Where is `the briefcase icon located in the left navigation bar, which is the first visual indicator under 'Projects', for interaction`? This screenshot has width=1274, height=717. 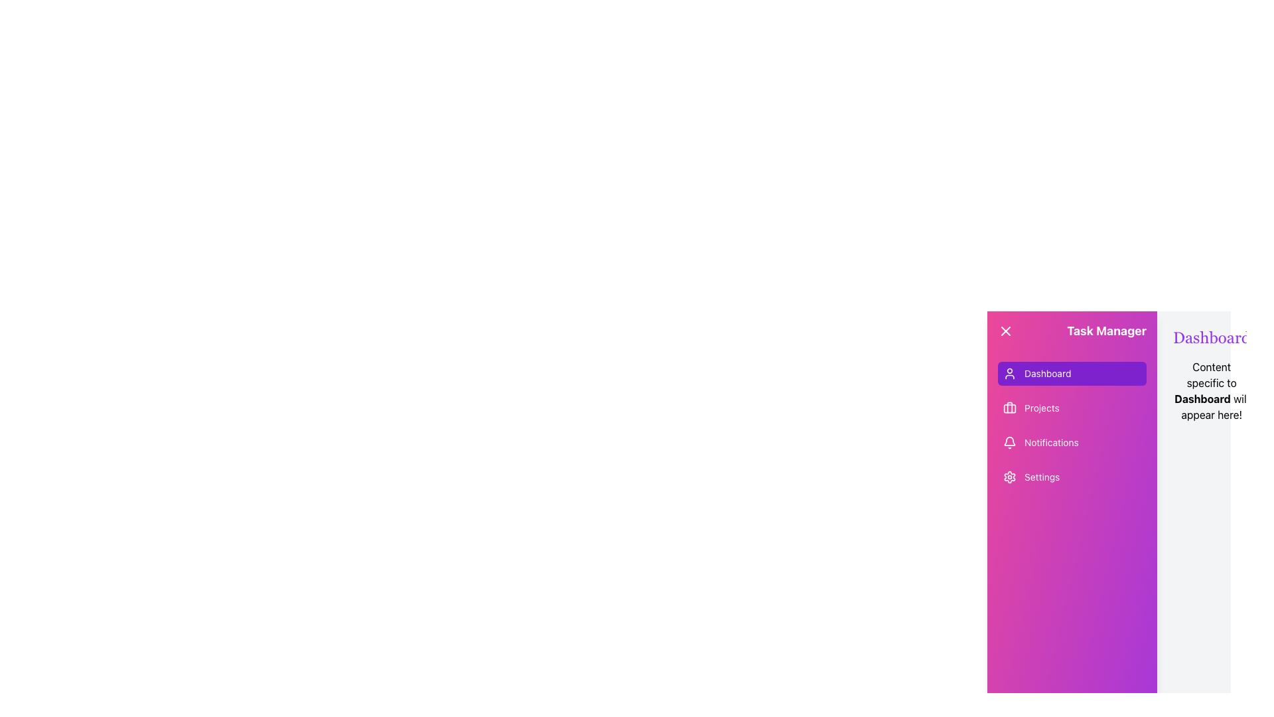 the briefcase icon located in the left navigation bar, which is the first visual indicator under 'Projects', for interaction is located at coordinates (1009, 407).